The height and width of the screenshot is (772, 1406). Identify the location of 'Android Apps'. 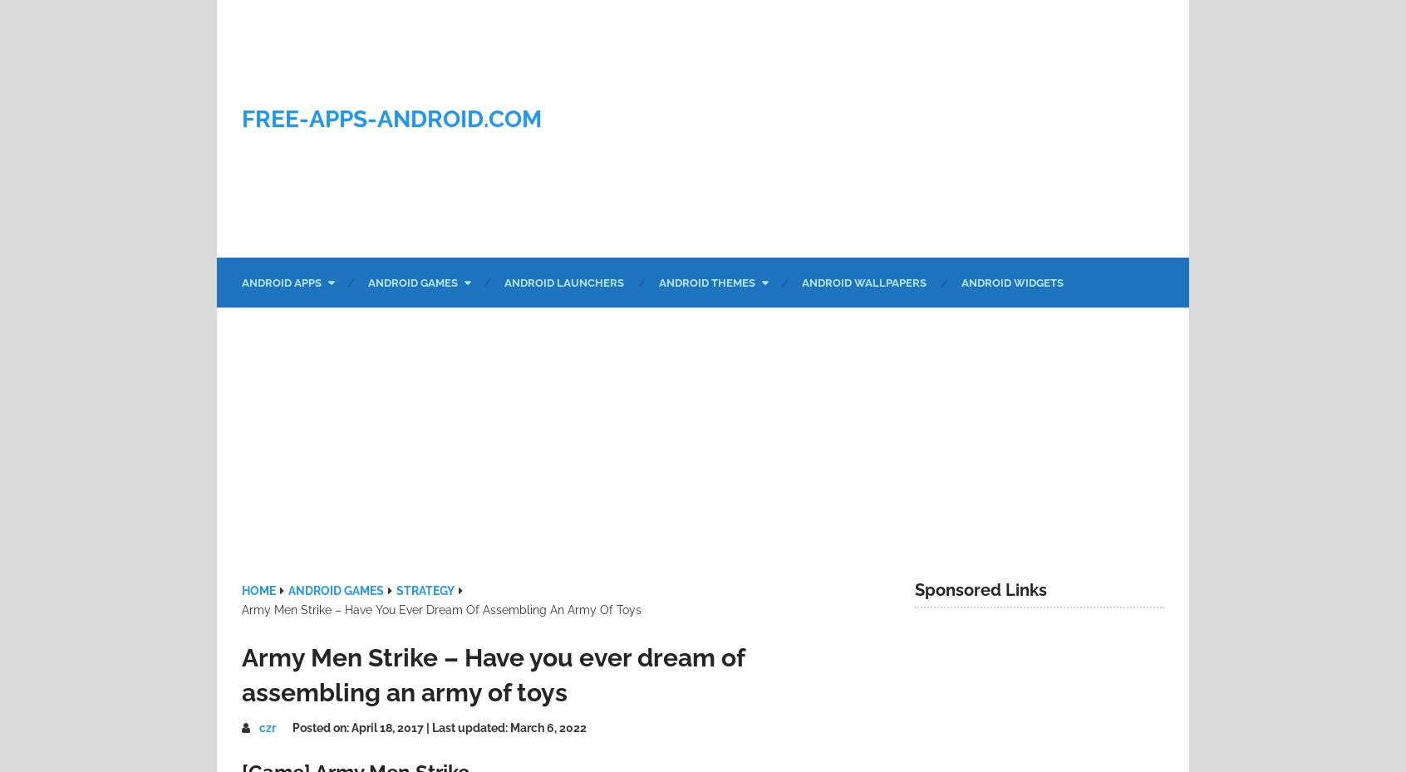
(281, 282).